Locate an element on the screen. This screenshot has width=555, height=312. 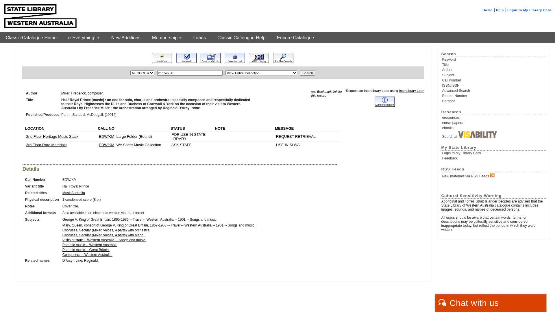
'Encore Catalogue' is located at coordinates (271, 38).